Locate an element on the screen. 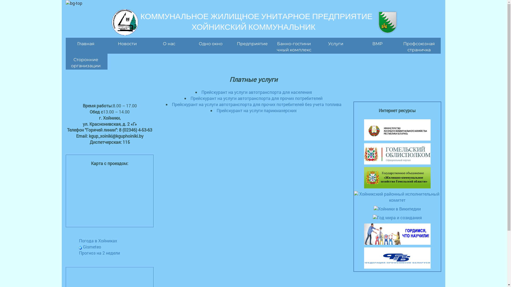  'Gismeteo' is located at coordinates (90, 247).